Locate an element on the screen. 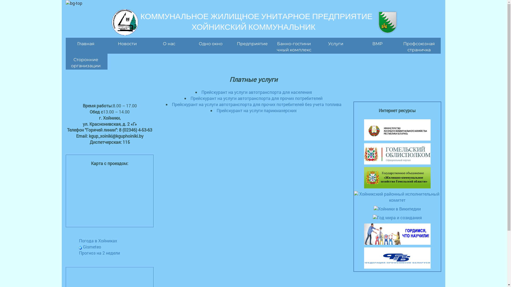  'Gismeteo' is located at coordinates (90, 247).